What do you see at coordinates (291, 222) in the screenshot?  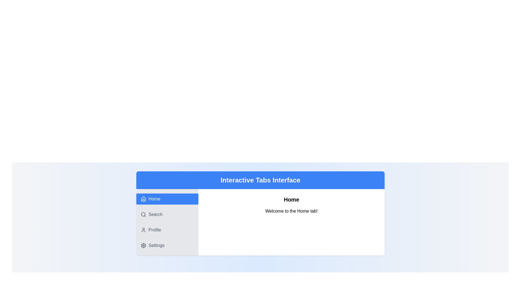 I see `the content displayed in the main area of the currently selected tab` at bounding box center [291, 222].